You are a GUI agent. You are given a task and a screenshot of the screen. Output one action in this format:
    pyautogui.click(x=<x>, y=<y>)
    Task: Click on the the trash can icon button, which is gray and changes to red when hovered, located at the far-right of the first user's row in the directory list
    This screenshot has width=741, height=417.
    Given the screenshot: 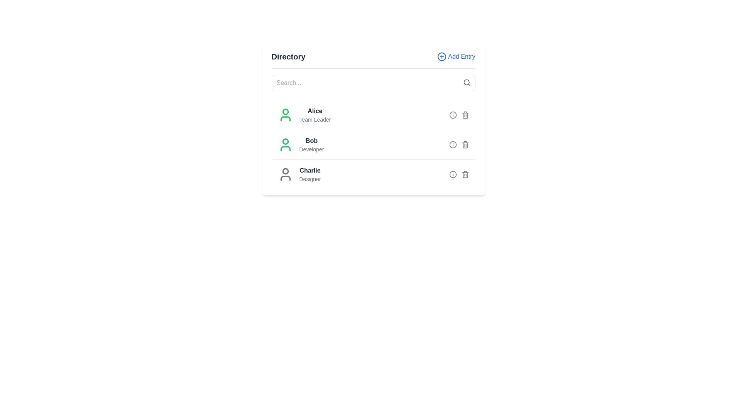 What is the action you would take?
    pyautogui.click(x=465, y=115)
    